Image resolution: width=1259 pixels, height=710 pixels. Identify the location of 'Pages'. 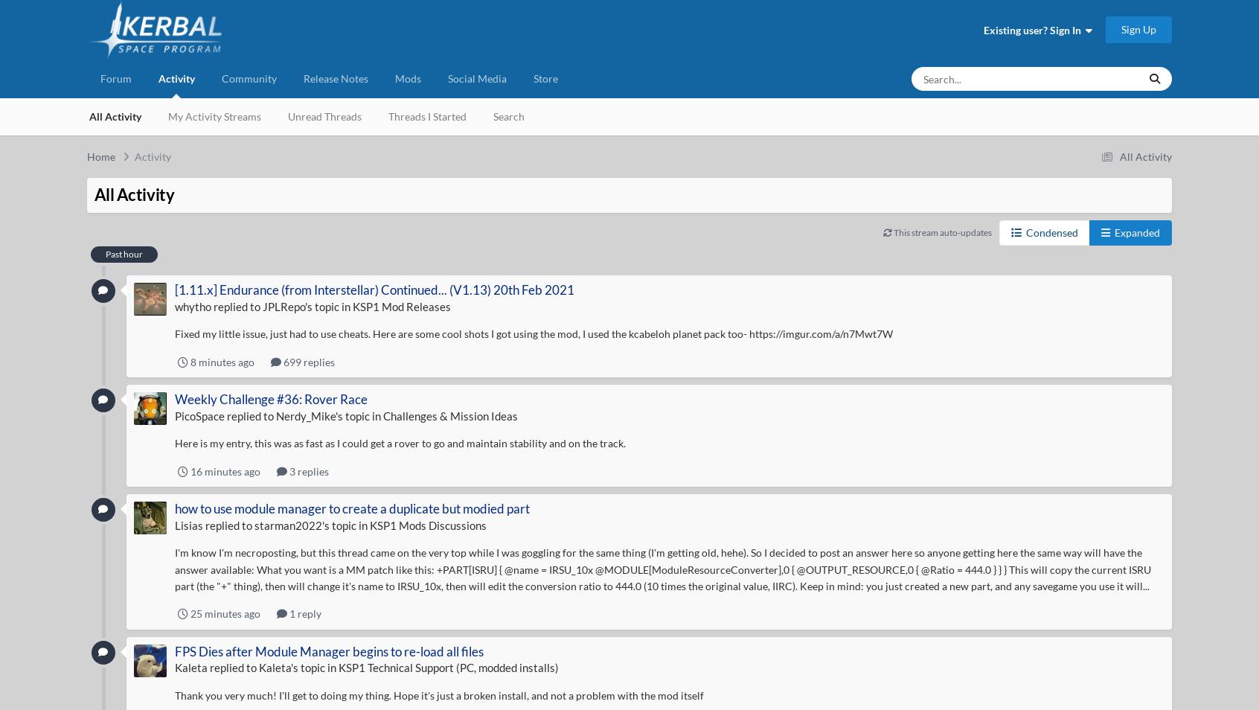
(1037, 183).